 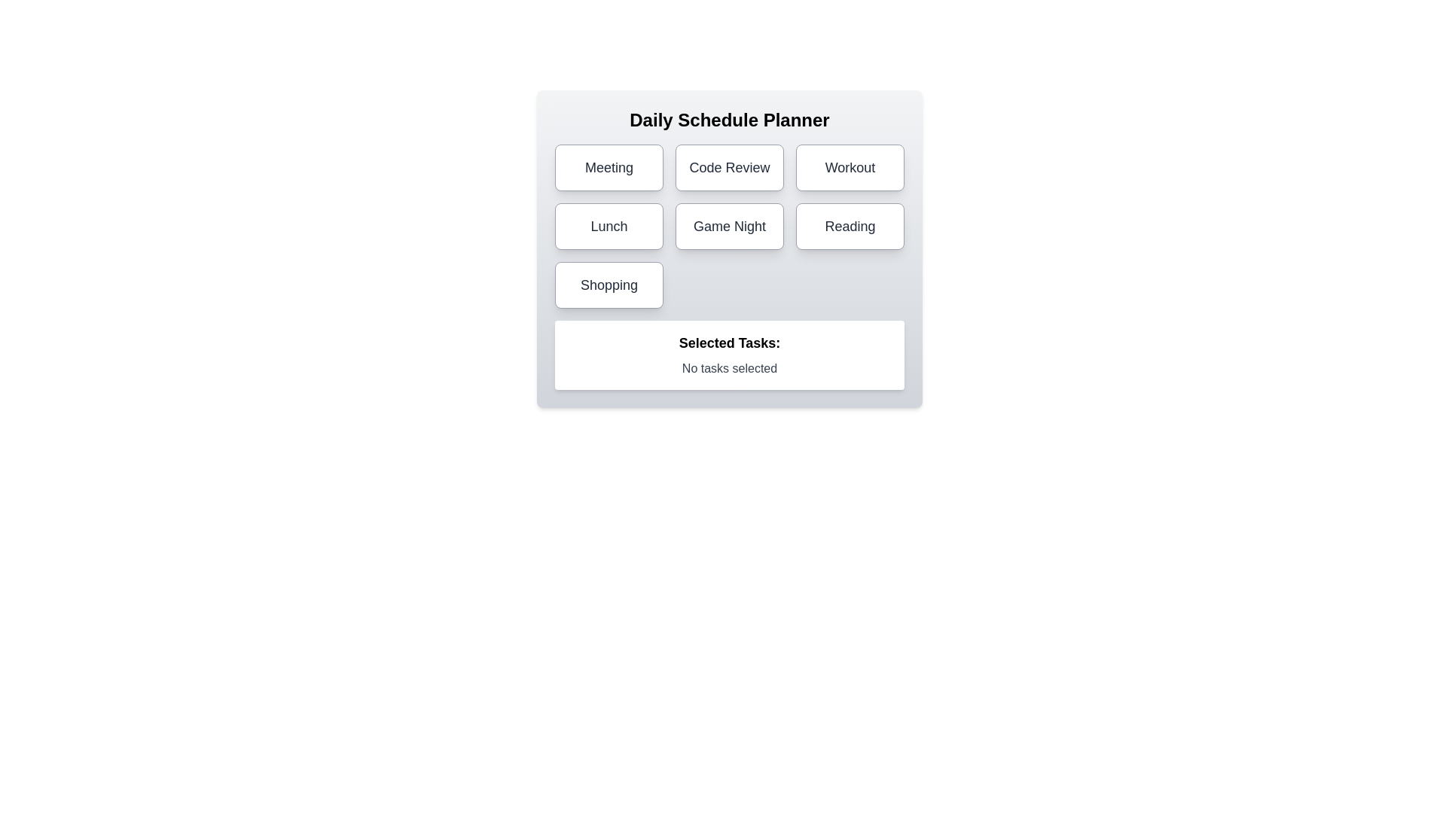 I want to click on the button corresponding to Game Night, so click(x=730, y=226).